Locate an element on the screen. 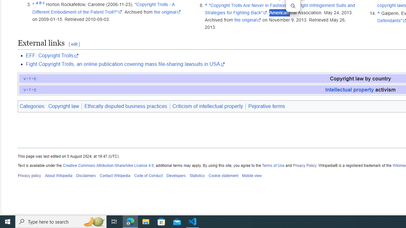 This screenshot has width=406, height=228. 'Contact Wikipedia' is located at coordinates (115, 176).